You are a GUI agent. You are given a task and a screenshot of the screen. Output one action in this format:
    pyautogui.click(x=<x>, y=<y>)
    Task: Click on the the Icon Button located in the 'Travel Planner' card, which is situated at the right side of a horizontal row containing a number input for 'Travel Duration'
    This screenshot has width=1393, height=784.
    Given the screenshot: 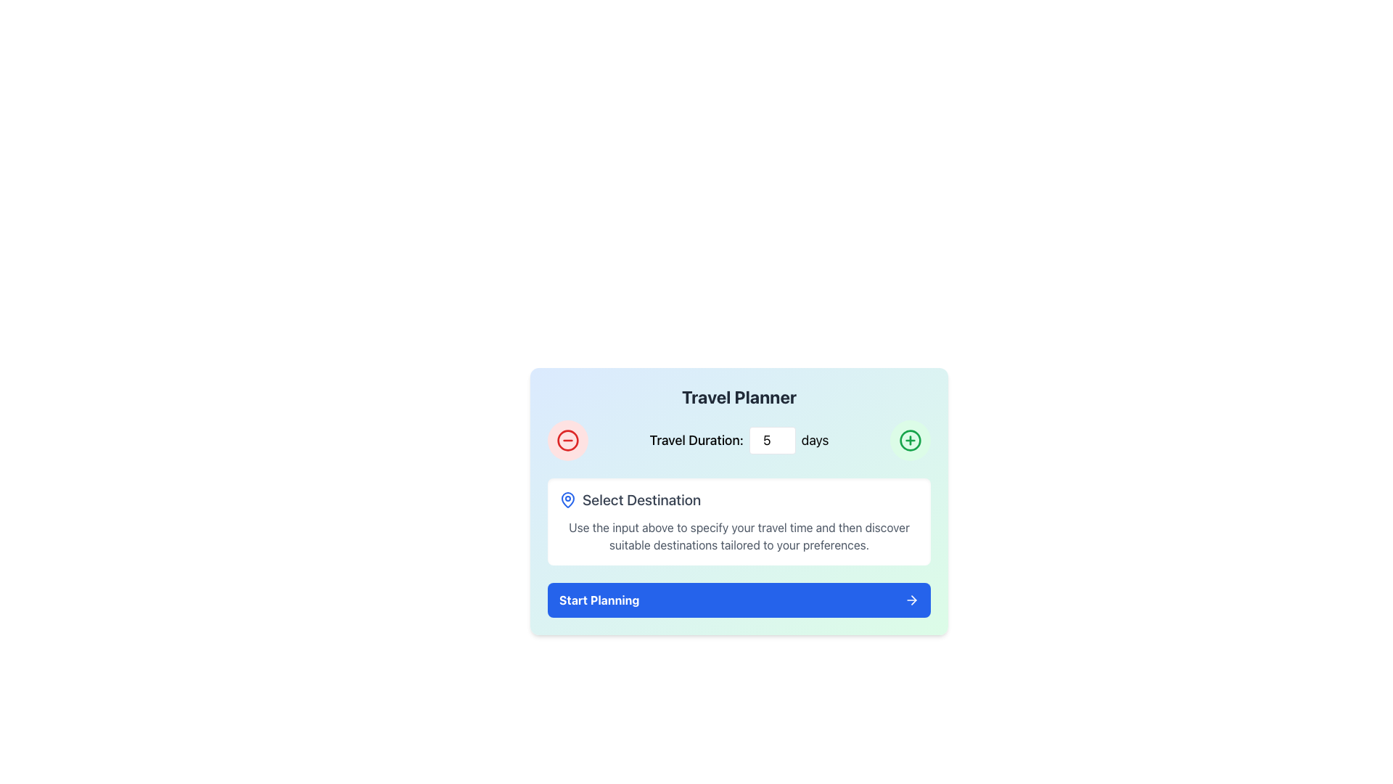 What is the action you would take?
    pyautogui.click(x=909, y=439)
    